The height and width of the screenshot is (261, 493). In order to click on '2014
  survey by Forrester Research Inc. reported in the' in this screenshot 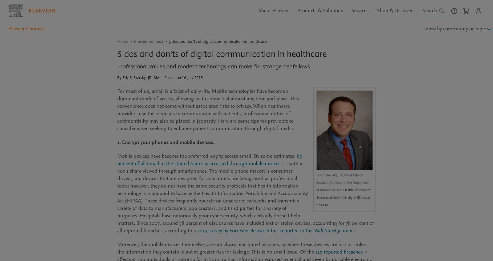, I will do `click(255, 230)`.